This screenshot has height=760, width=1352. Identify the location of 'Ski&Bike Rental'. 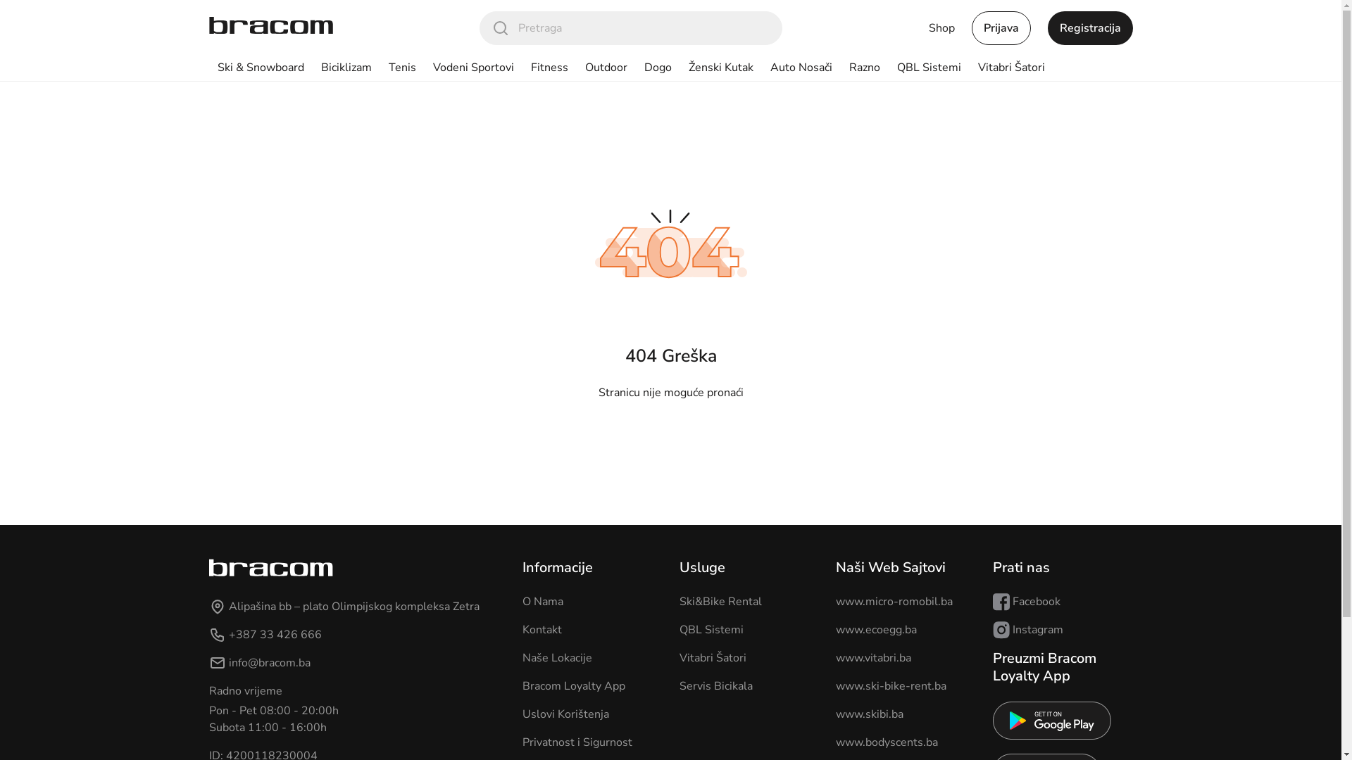
(679, 602).